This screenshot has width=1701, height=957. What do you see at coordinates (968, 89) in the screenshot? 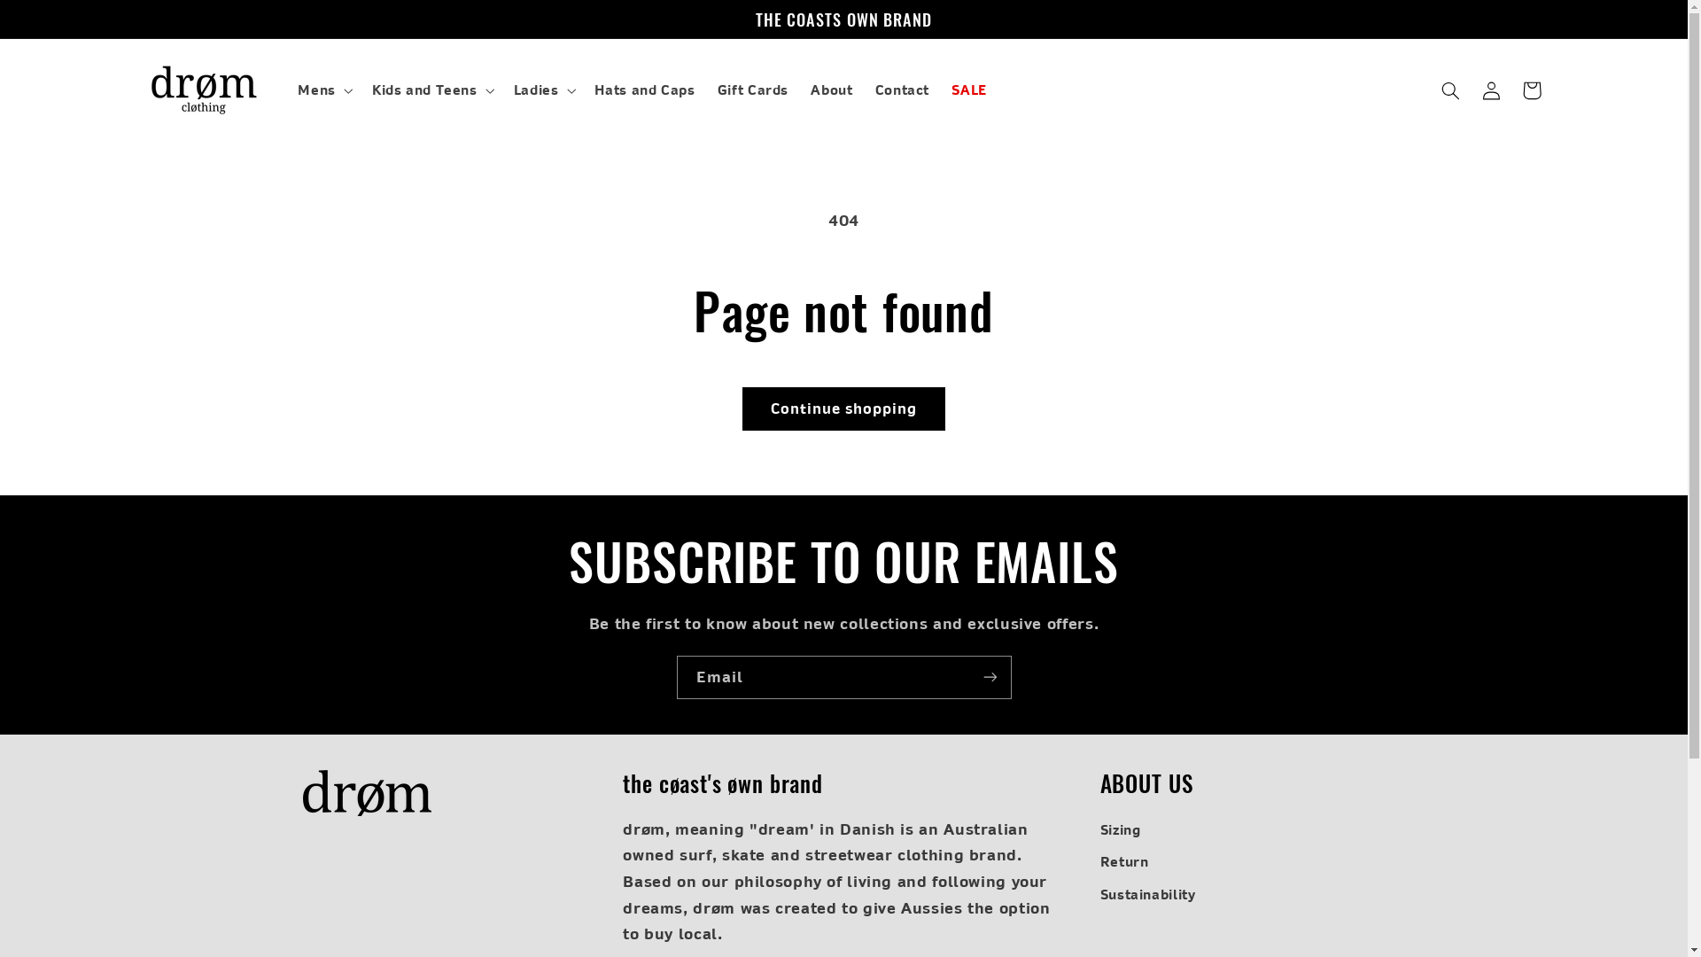
I see `'SALE'` at bounding box center [968, 89].